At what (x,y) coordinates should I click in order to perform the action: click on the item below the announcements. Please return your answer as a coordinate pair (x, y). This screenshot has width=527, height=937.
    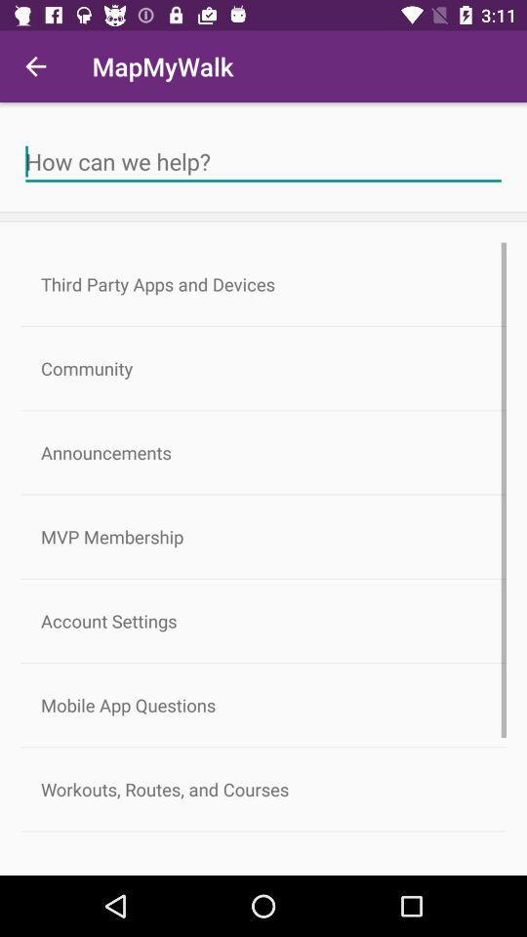
    Looking at the image, I should click on (263, 537).